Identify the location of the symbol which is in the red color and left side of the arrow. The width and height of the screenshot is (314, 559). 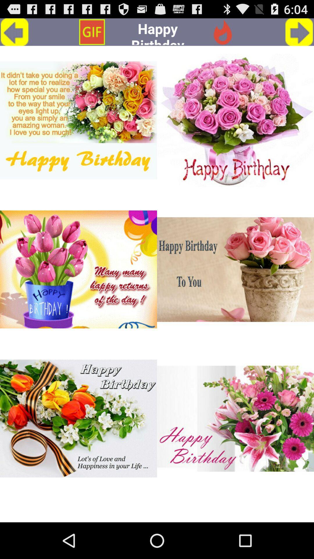
(222, 32).